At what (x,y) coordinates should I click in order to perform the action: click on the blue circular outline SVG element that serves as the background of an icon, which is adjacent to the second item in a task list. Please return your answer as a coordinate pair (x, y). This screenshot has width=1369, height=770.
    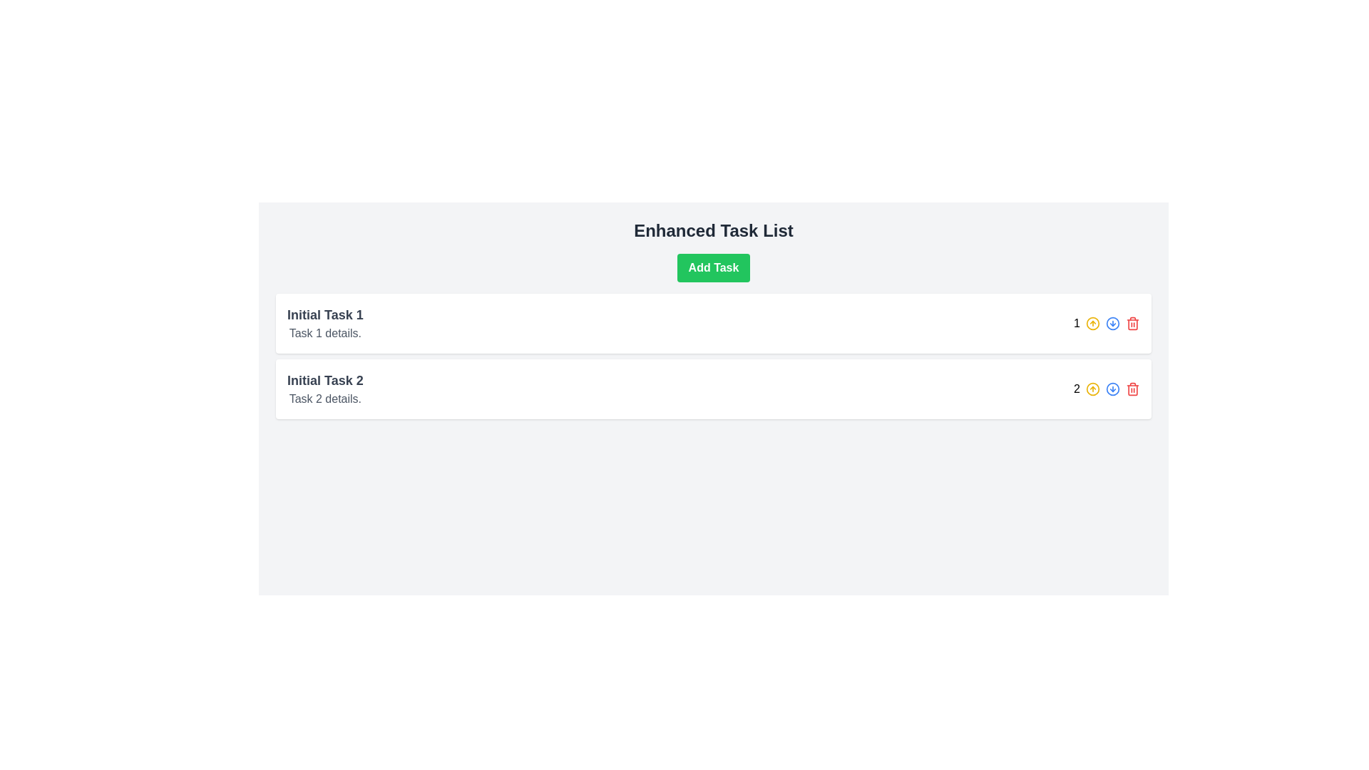
    Looking at the image, I should click on (1112, 389).